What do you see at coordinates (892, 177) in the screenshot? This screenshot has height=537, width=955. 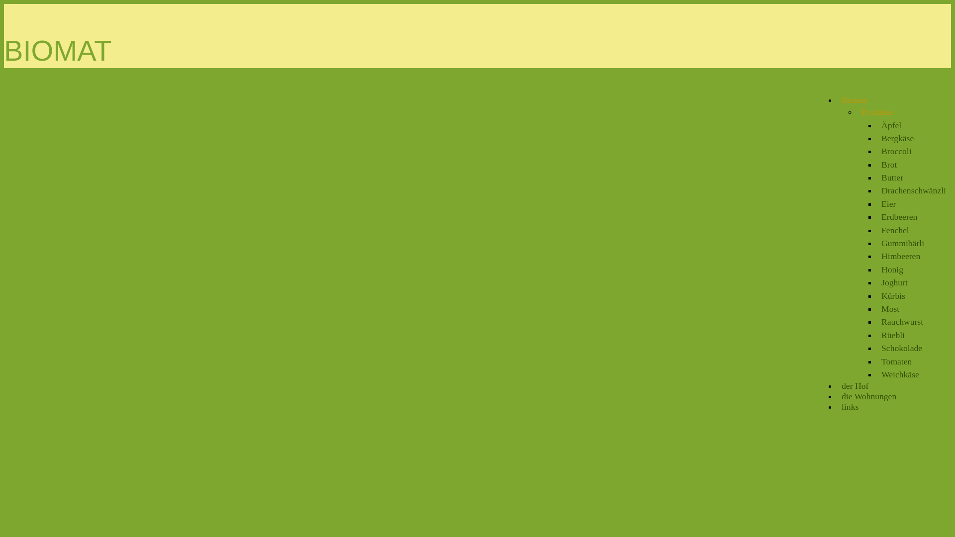 I see `'Butter'` at bounding box center [892, 177].